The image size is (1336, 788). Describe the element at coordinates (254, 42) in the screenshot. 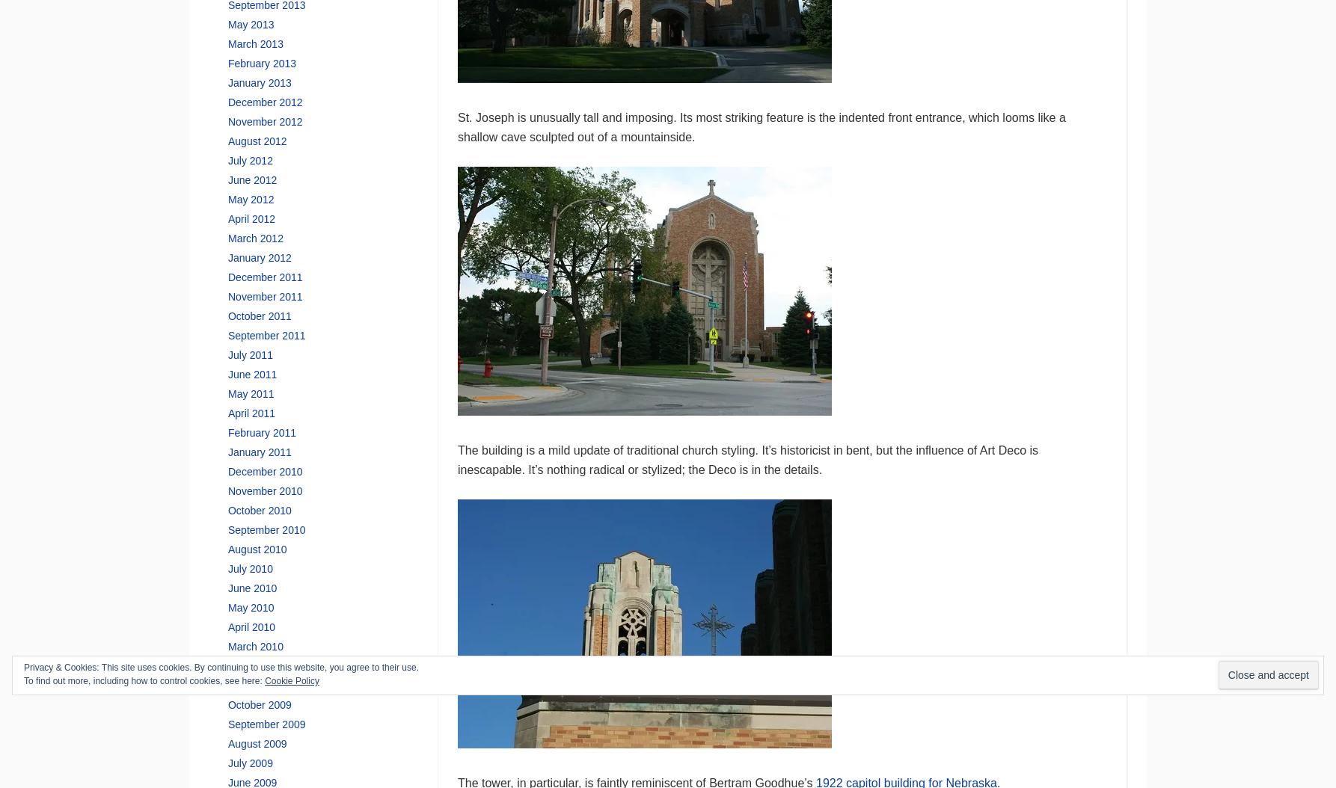

I see `'March 2013'` at that location.